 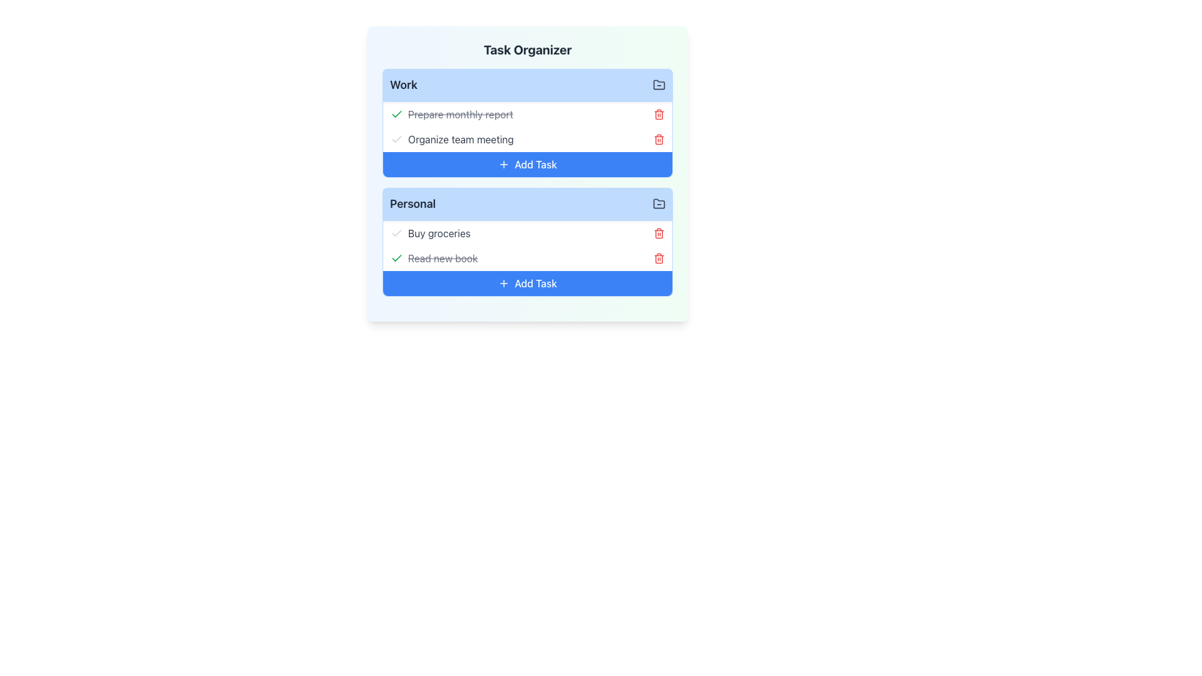 I want to click on to reorder tasks in the 'Personal' section of the task organizer interface, identifiable by its light blue header, so click(x=528, y=242).